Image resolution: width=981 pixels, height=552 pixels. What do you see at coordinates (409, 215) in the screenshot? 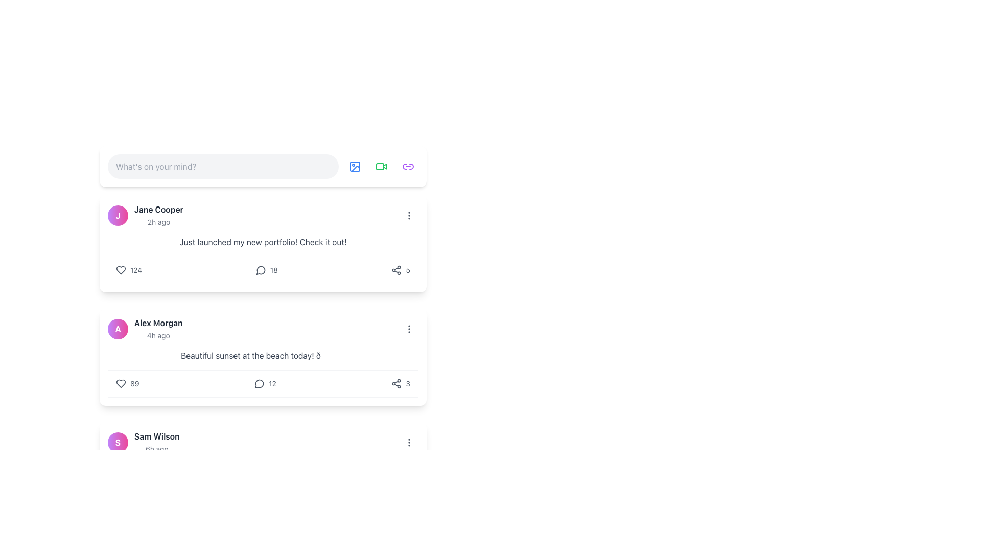
I see `the vertical ellipsis icon button located at the upper-right corner of Jane Cooper's post section` at bounding box center [409, 215].